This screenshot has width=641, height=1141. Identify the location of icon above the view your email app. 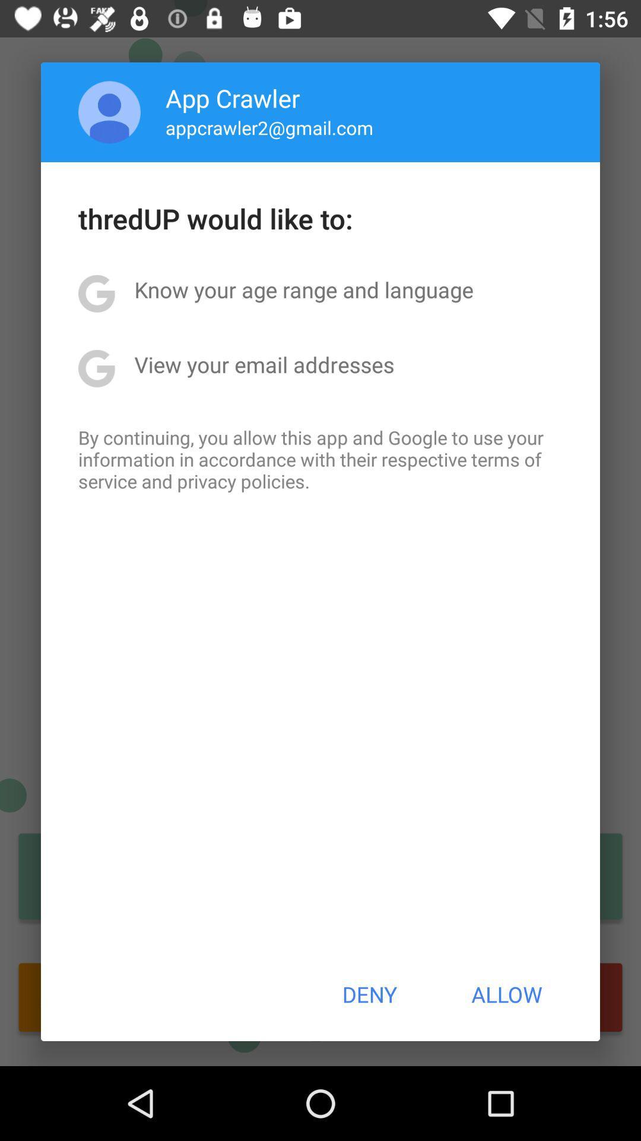
(303, 289).